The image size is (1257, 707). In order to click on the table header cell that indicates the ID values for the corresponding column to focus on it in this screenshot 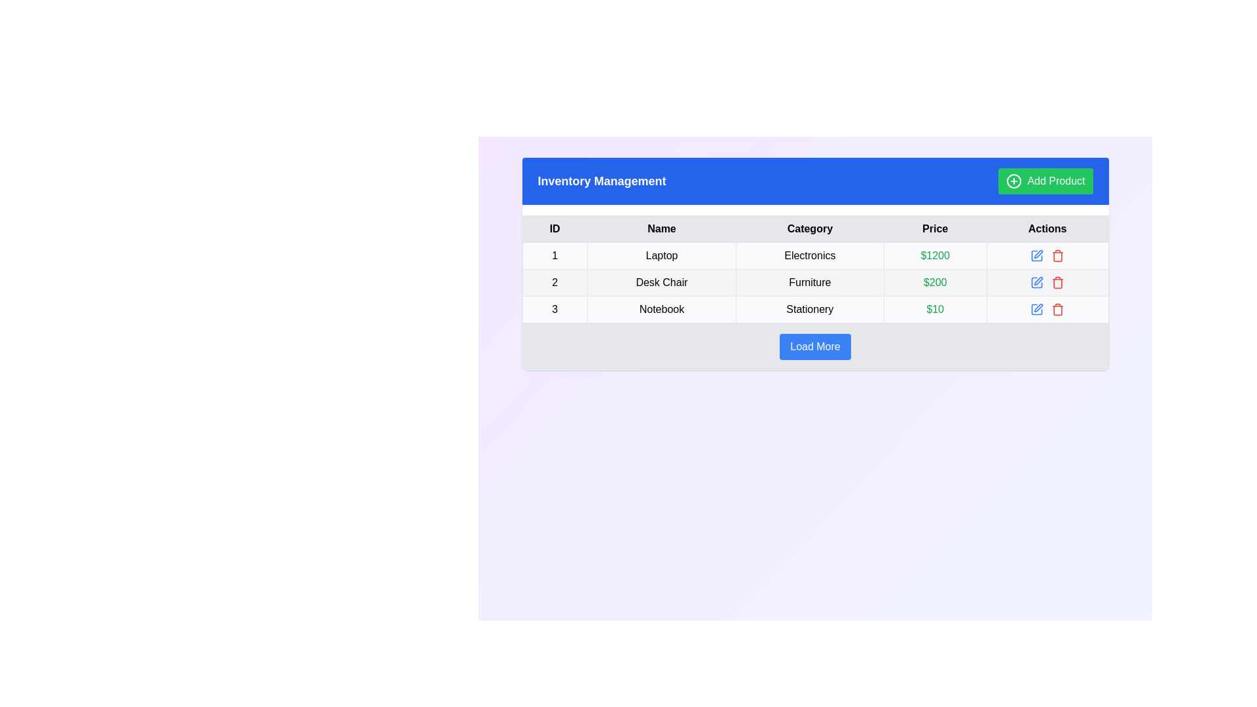, I will do `click(555, 228)`.